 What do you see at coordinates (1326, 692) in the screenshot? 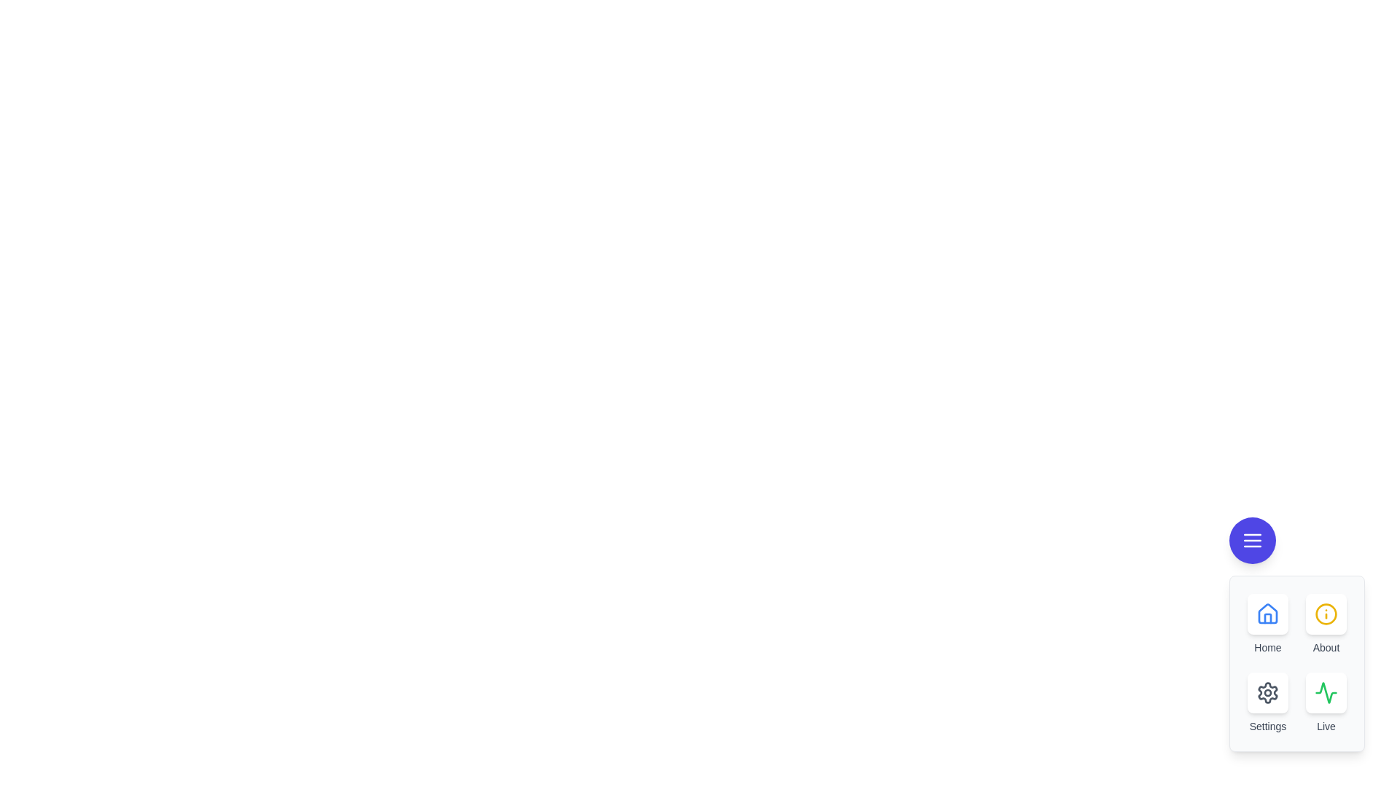
I see `the button labeled Live to observe its hover effect` at bounding box center [1326, 692].